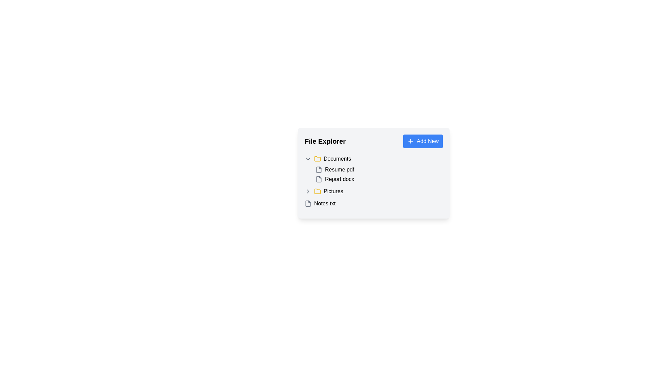  I want to click on the 'Resume.pdf' file icon in the 'File Explorer' section, which visually signifies a file and is the second item listed under the 'Documents' folder, so click(318, 169).